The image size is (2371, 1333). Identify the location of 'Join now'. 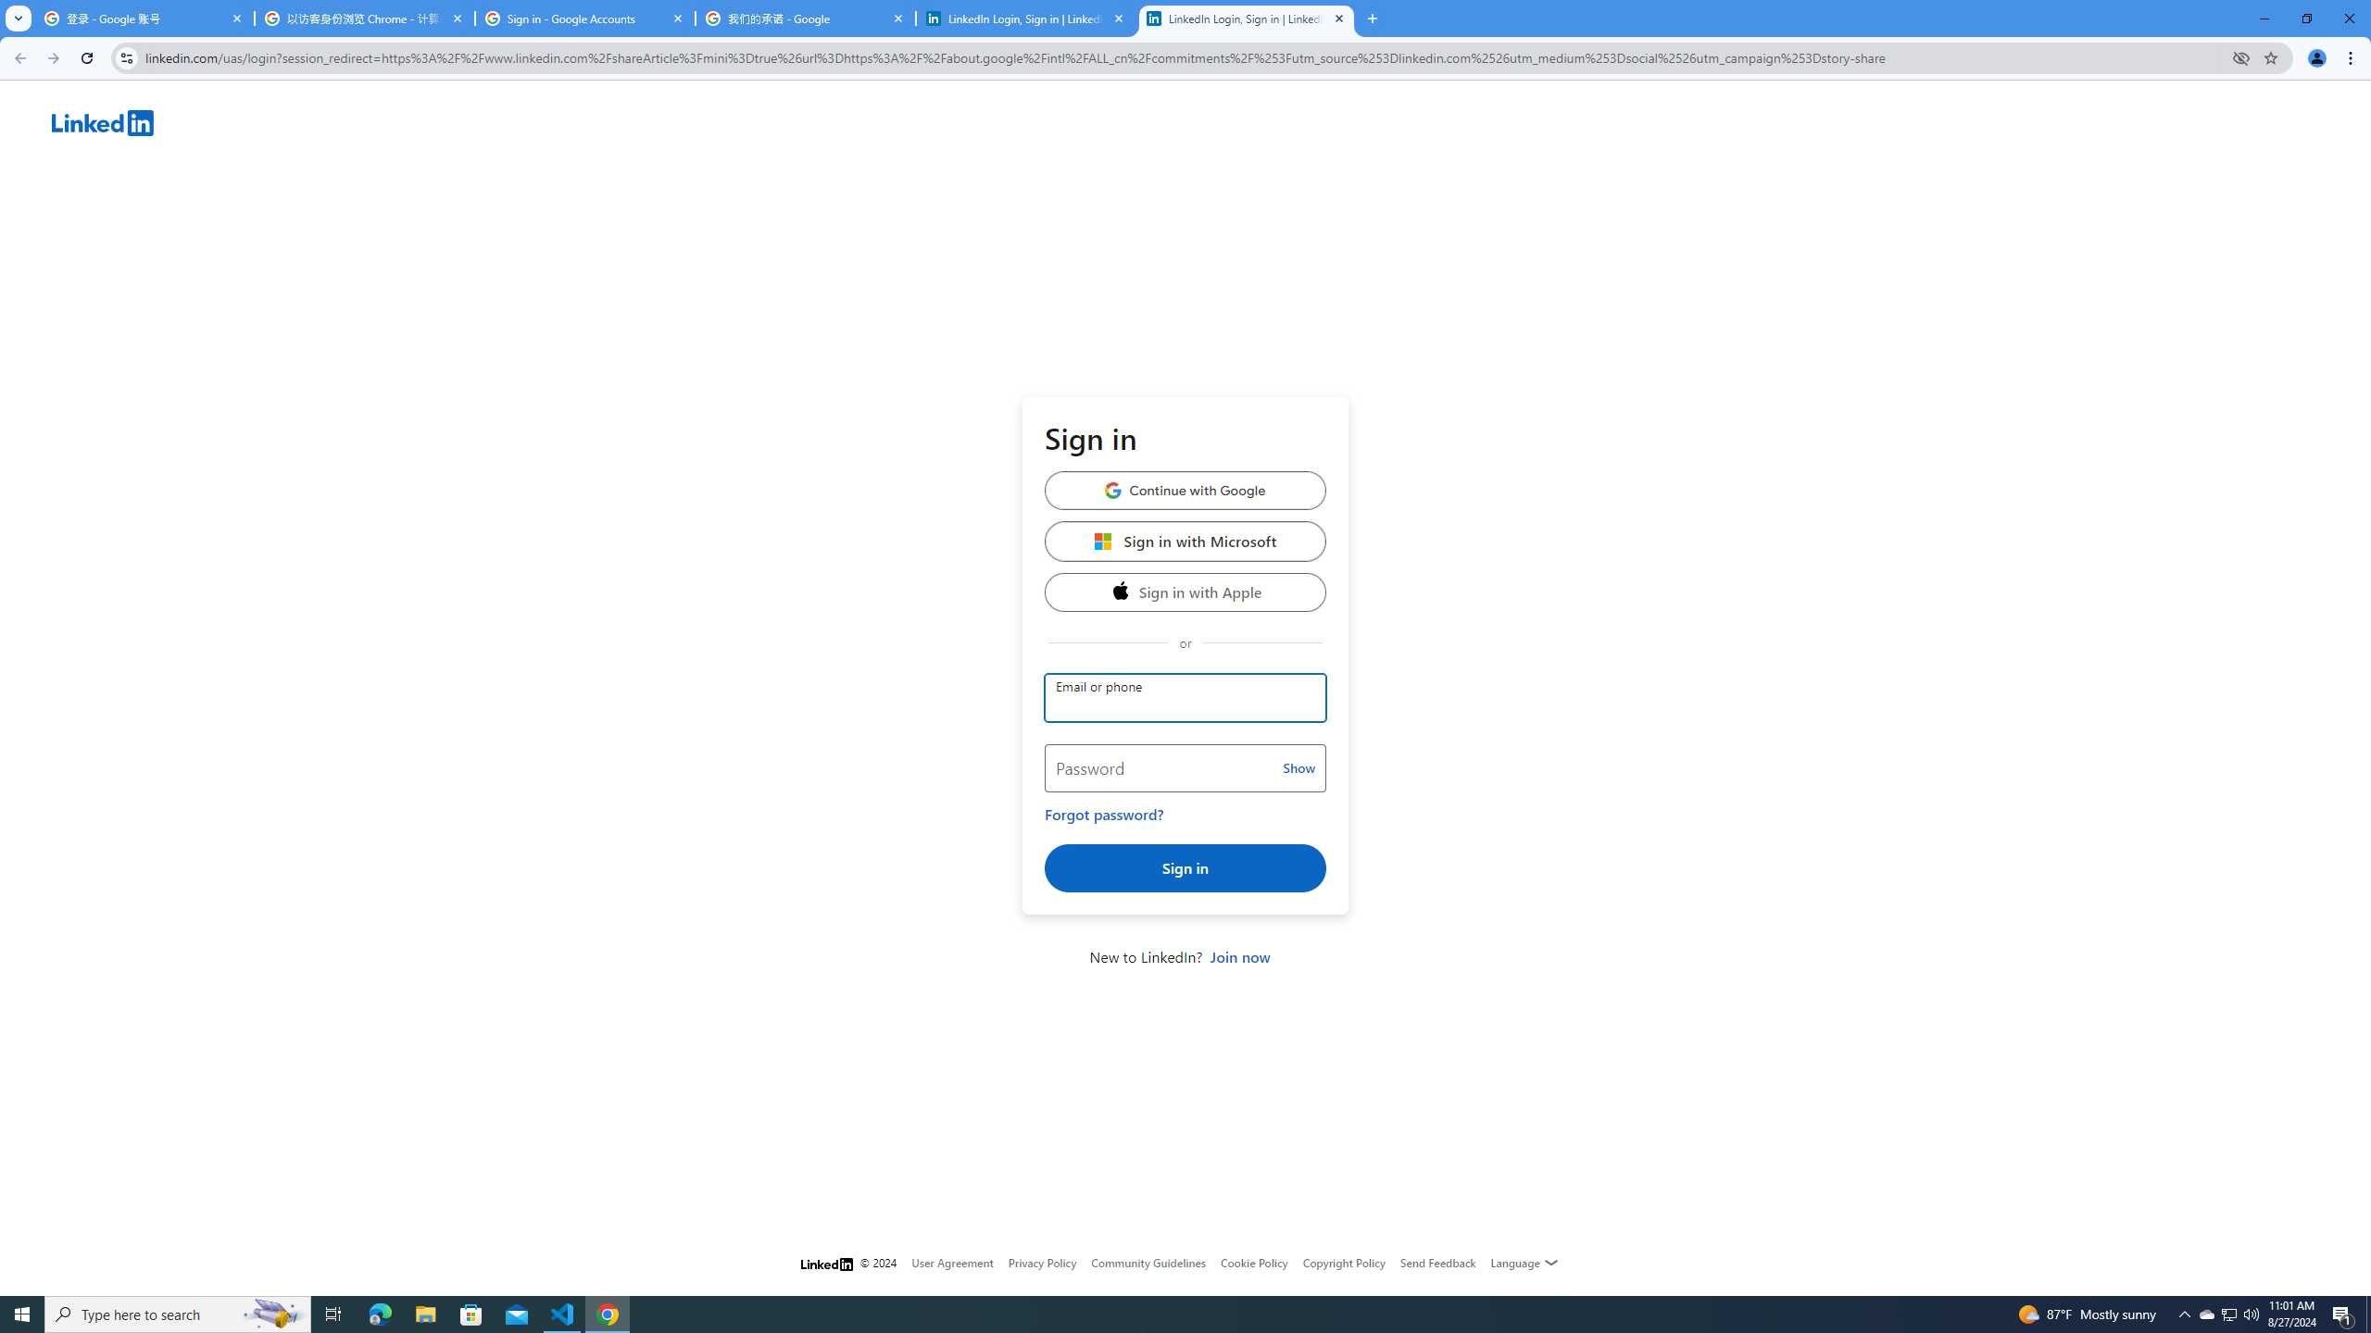
(1238, 957).